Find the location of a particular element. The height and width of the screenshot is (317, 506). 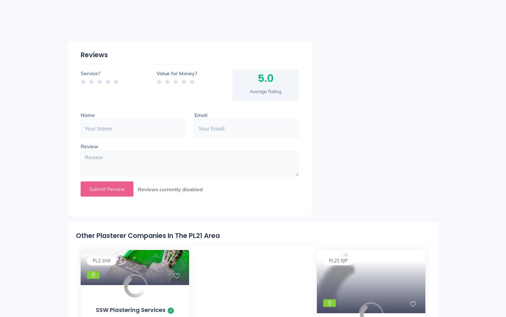

'Value for Money?' is located at coordinates (176, 73).